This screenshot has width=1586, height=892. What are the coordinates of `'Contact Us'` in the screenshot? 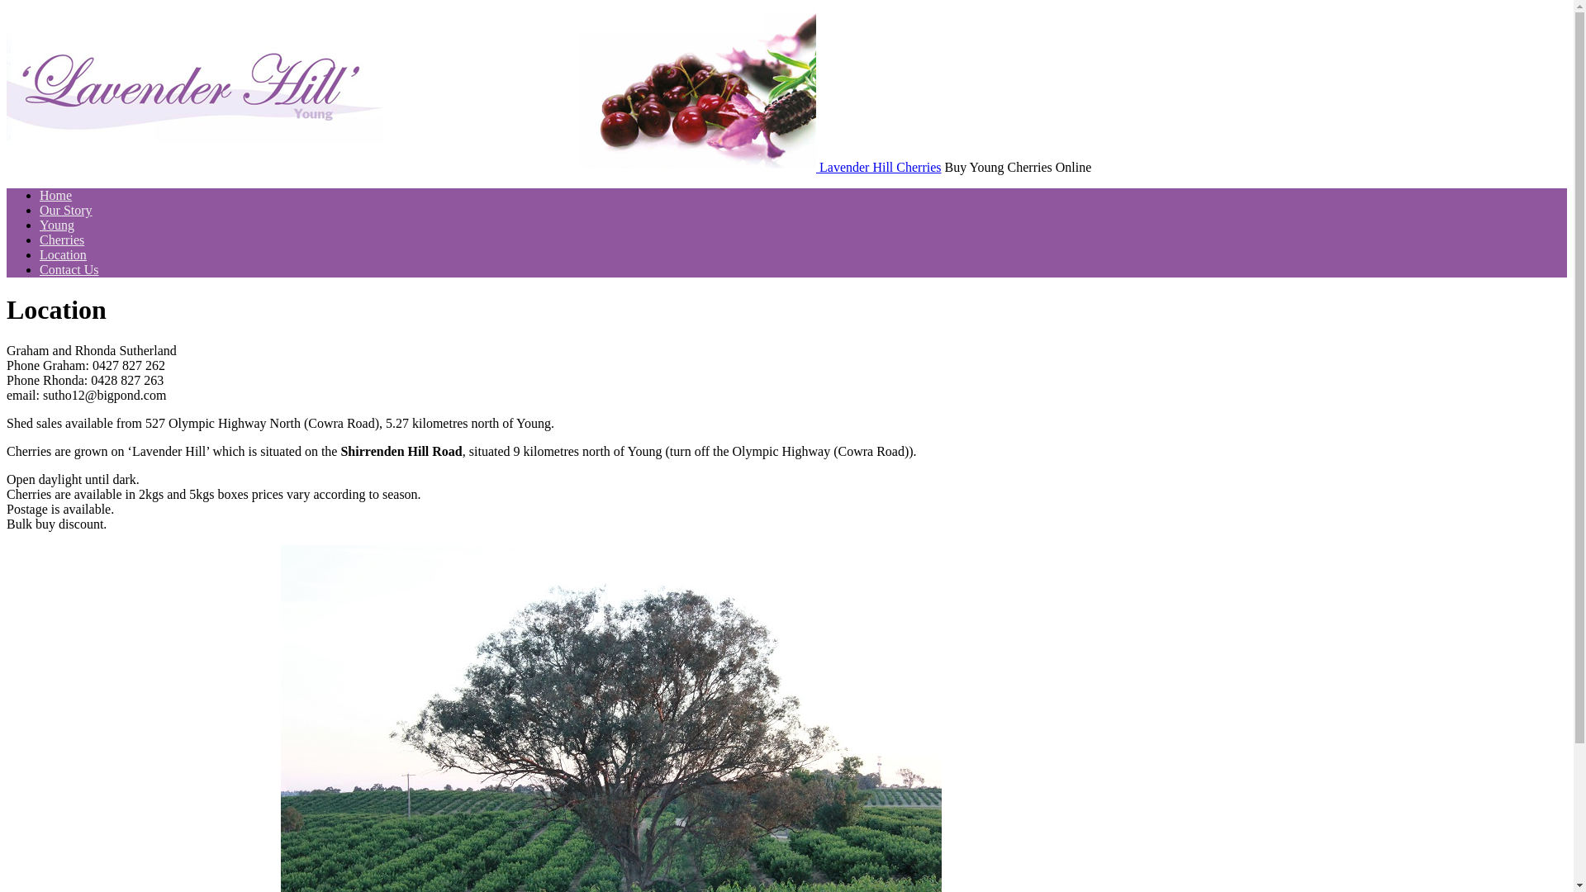 It's located at (68, 268).